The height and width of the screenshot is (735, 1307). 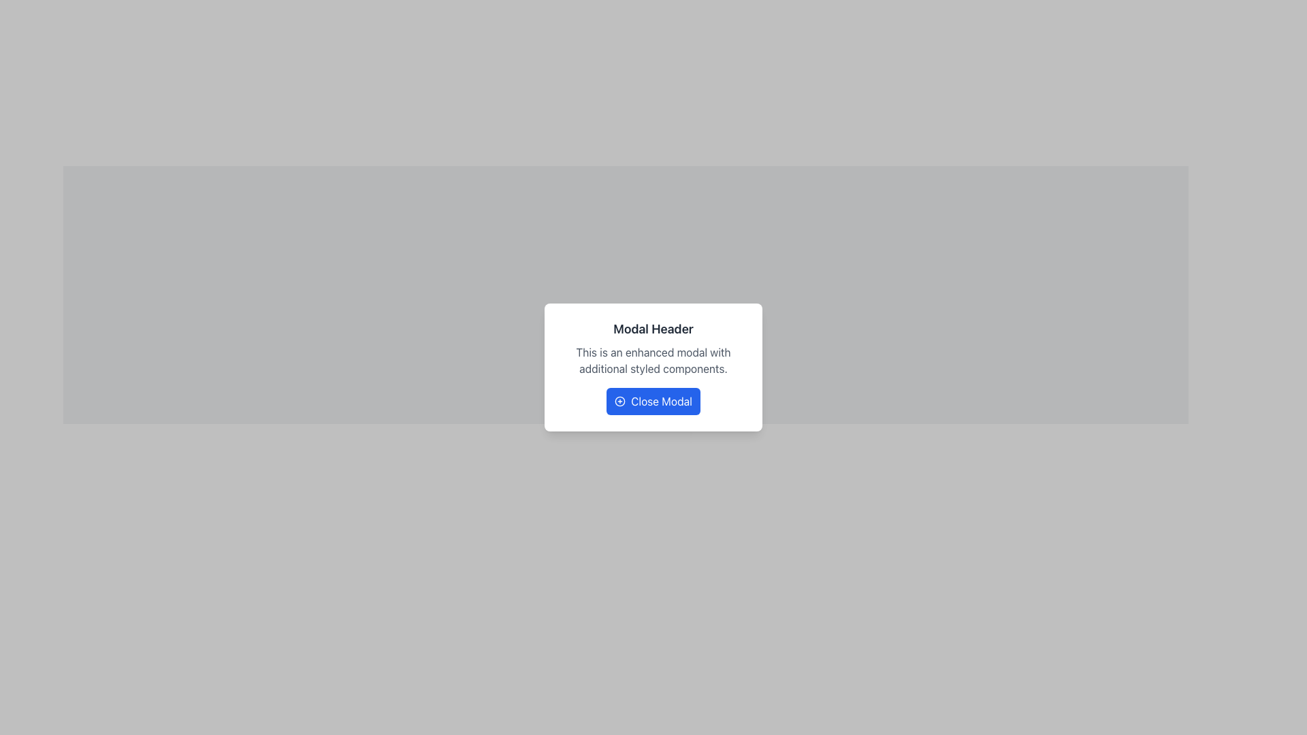 What do you see at coordinates (619, 401) in the screenshot?
I see `the circular icon with a plus sign, which is located to the left of the 'Close Modal' button` at bounding box center [619, 401].